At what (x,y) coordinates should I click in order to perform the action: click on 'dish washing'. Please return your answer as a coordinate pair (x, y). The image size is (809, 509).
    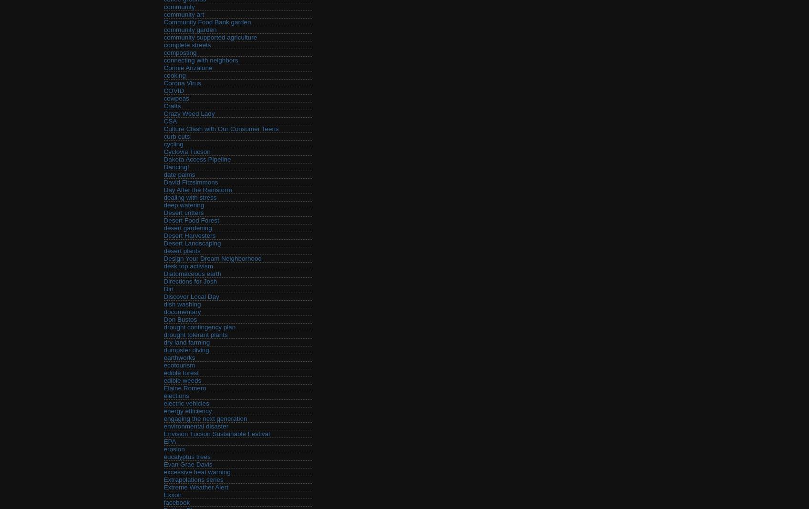
    Looking at the image, I should click on (182, 304).